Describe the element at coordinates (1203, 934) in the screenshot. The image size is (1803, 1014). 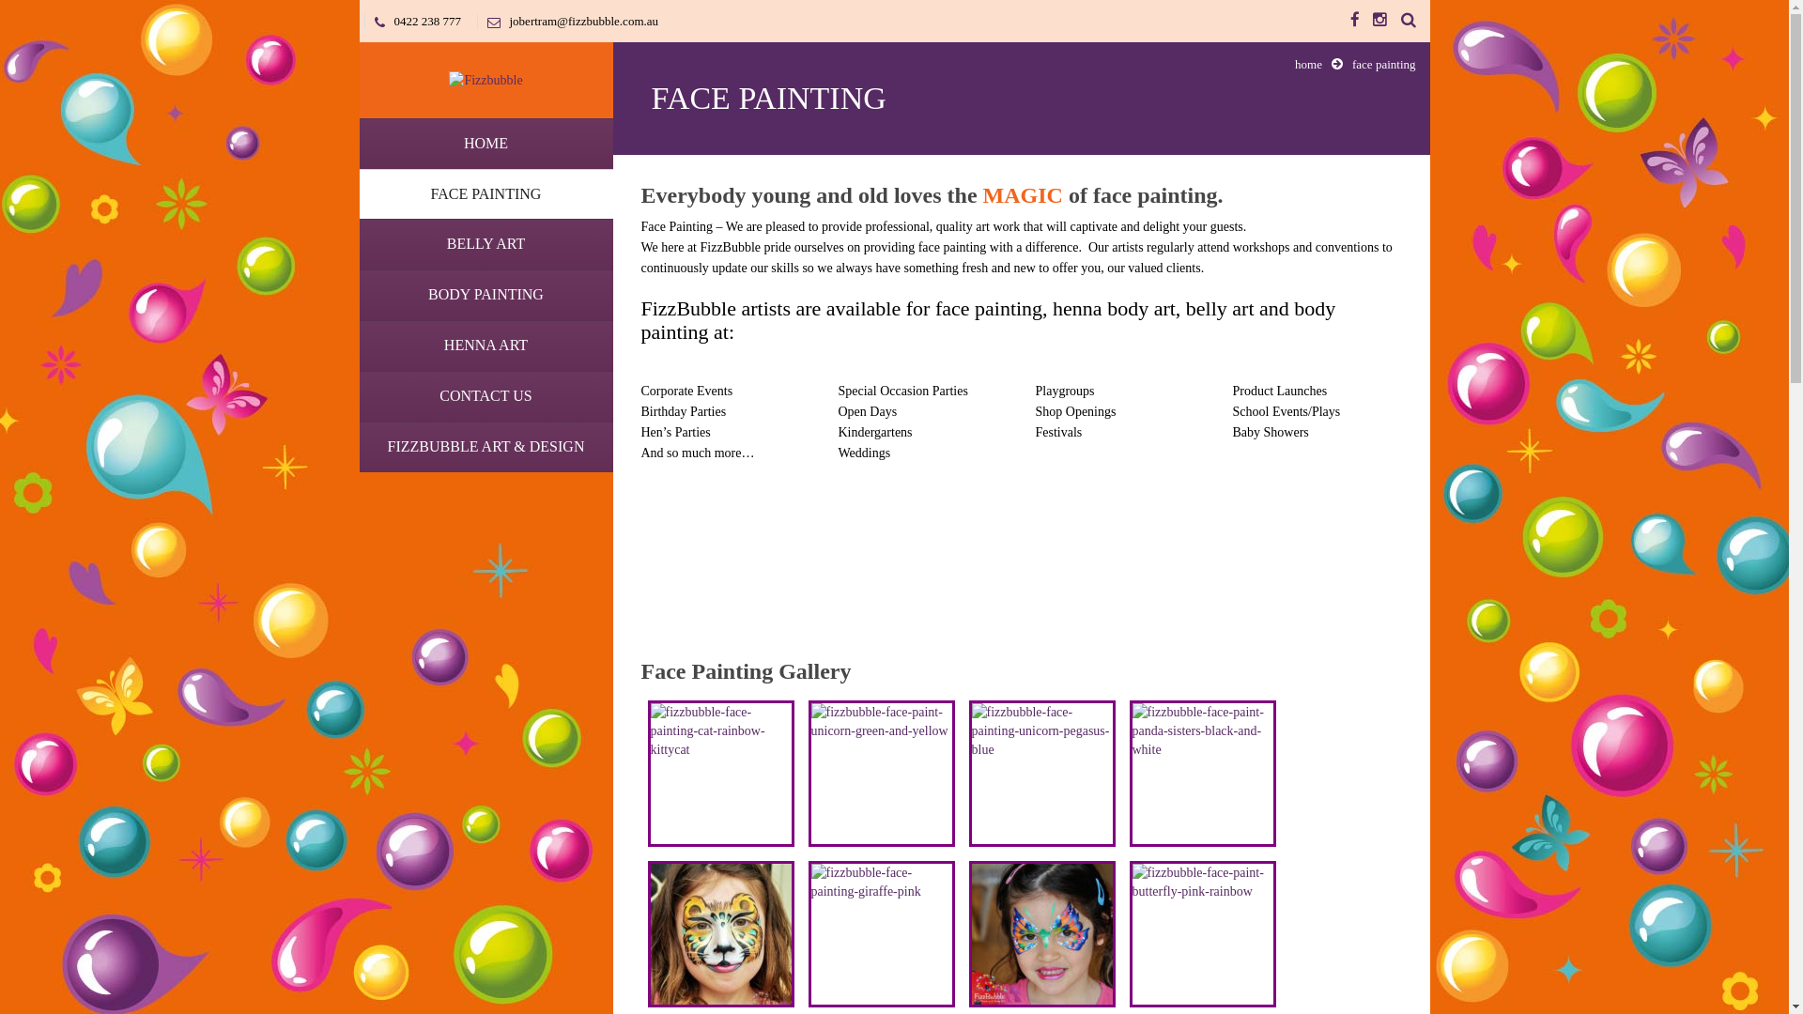
I see `'fizzbubble-face-paint-butterfly-pink-rainbow'` at that location.